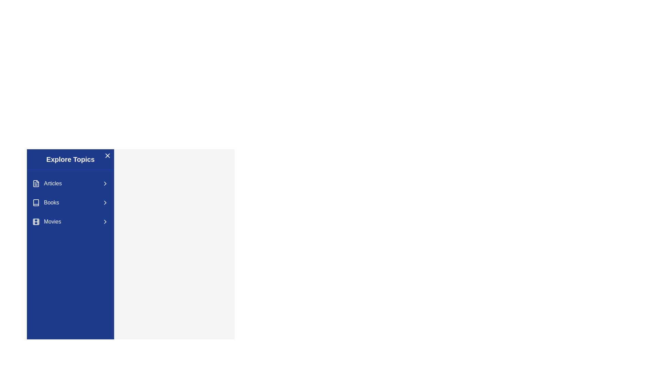 This screenshot has width=654, height=368. I want to click on the text label displaying 'Movies' in white on a dark blue background, which is the third item in the vertical list under 'Explore Topics', so click(52, 222).